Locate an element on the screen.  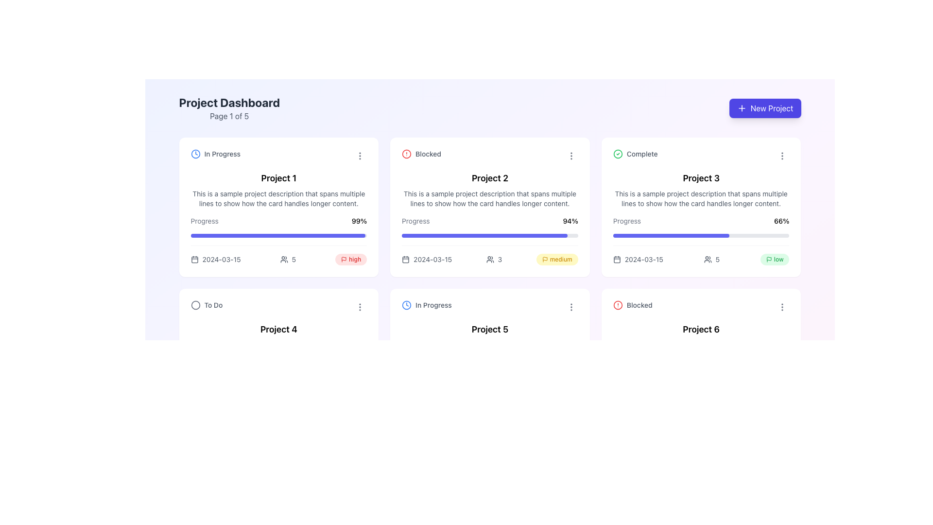
the horizontal progress bar for 'Project 3' located in the third column of the top row, beneath the 'Progress' label is located at coordinates (701, 236).